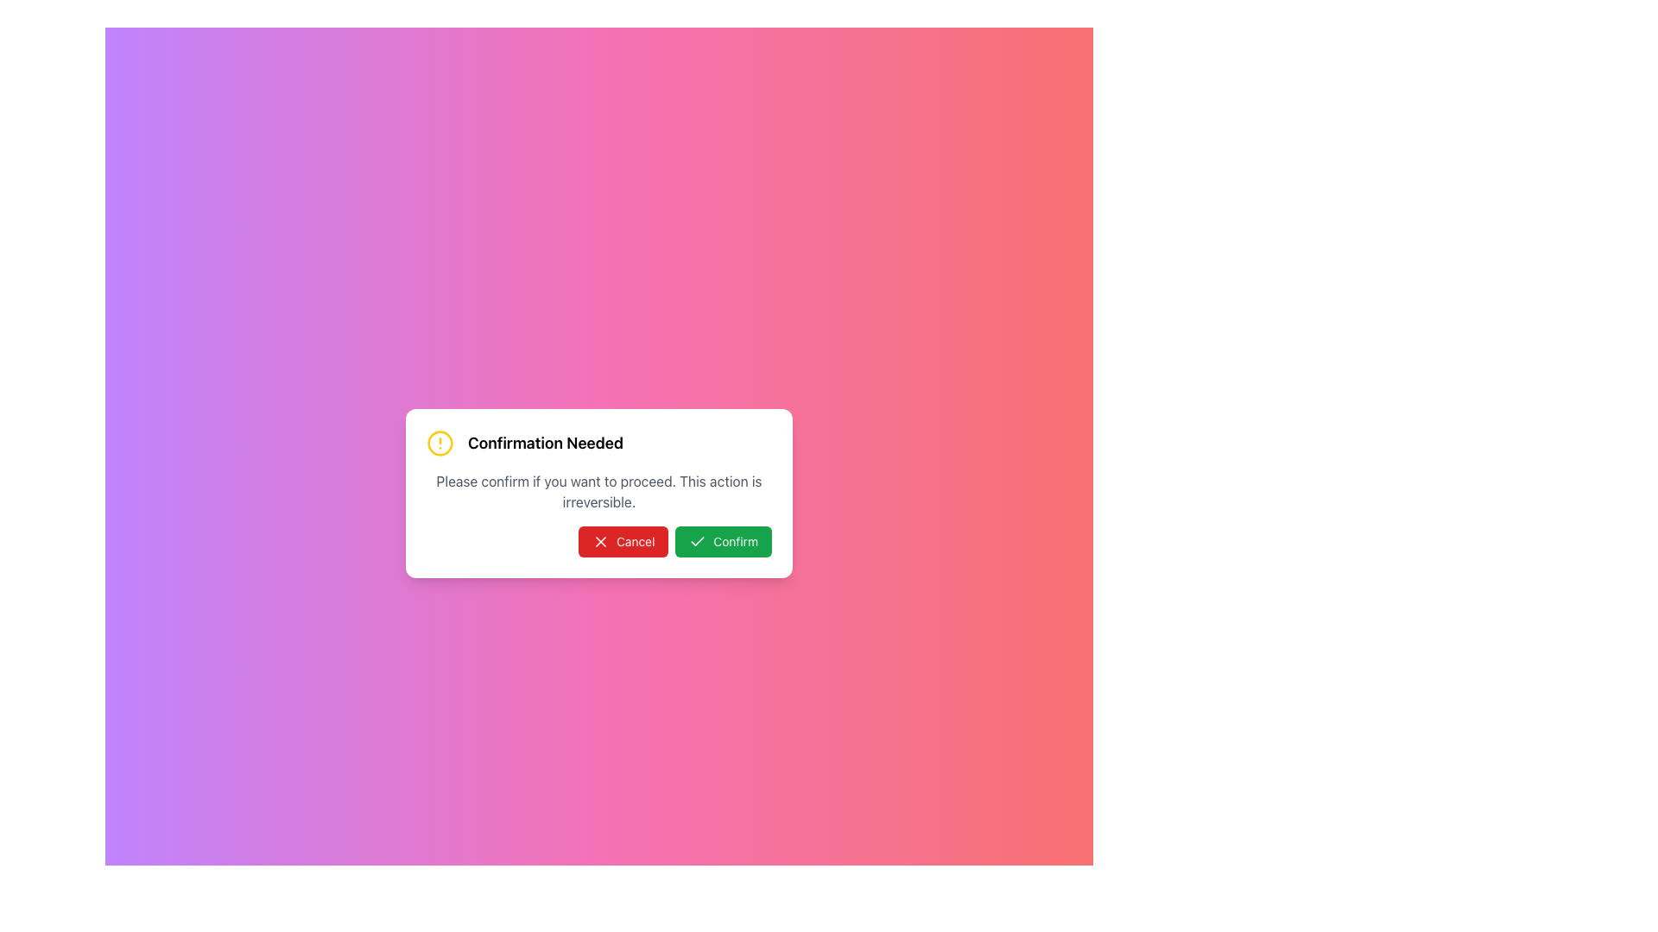 This screenshot has height=932, width=1658. What do you see at coordinates (440, 442) in the screenshot?
I see `the circular SVG Shape Element that is part of the warning icon in the message dialog, which emphasizes the alert function` at bounding box center [440, 442].